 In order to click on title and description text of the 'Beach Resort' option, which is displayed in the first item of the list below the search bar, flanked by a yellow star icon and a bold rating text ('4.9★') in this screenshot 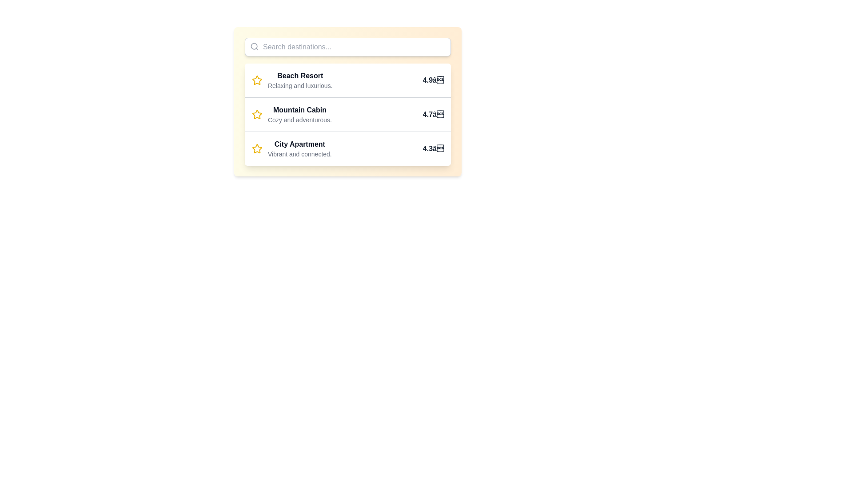, I will do `click(300, 80)`.